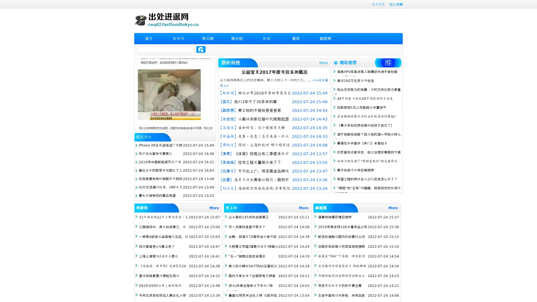  What do you see at coordinates (201, 49) in the screenshot?
I see `Search` at bounding box center [201, 49].